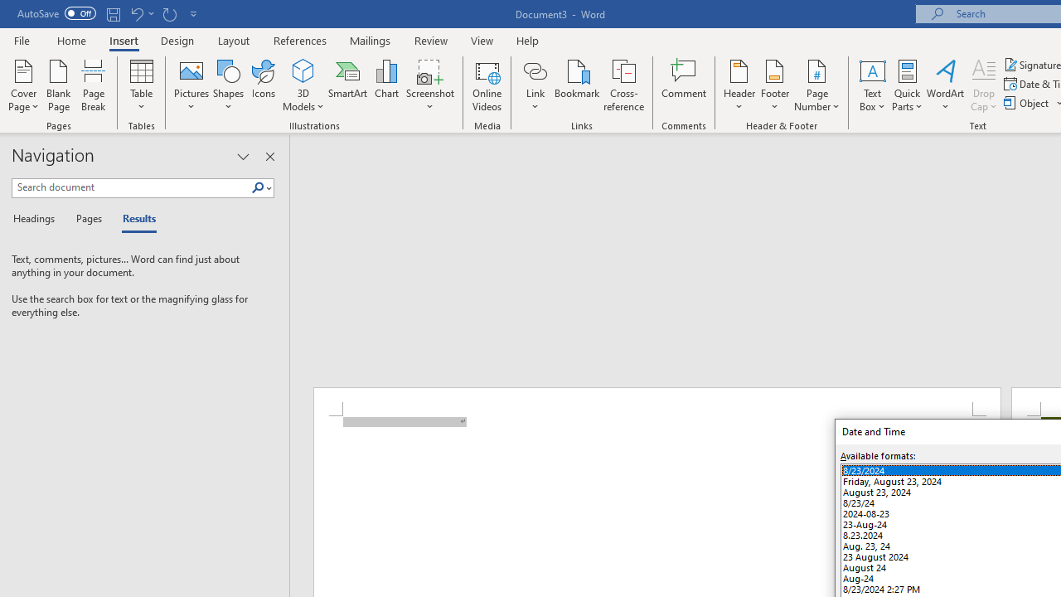 This screenshot has width=1061, height=597. What do you see at coordinates (385, 85) in the screenshot?
I see `'Chart...'` at bounding box center [385, 85].